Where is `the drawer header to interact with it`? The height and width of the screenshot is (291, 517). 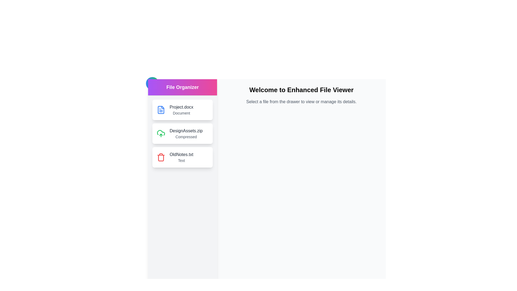
the drawer header to interact with it is located at coordinates (182, 87).